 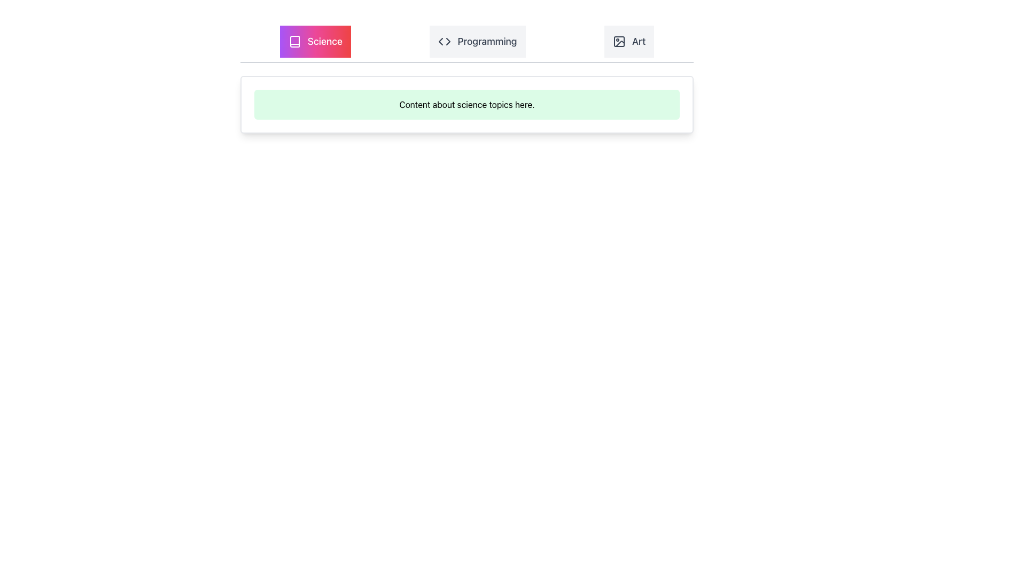 What do you see at coordinates (619, 41) in the screenshot?
I see `the icon representing visual-related functionality located to the left of the 'Art' text` at bounding box center [619, 41].